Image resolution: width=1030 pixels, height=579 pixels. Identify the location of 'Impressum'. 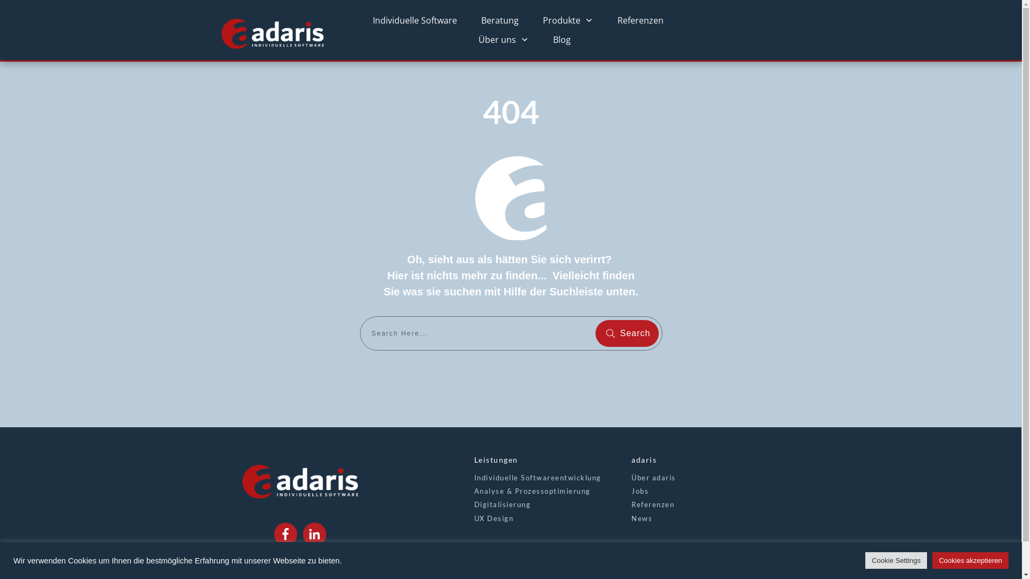
(275, 565).